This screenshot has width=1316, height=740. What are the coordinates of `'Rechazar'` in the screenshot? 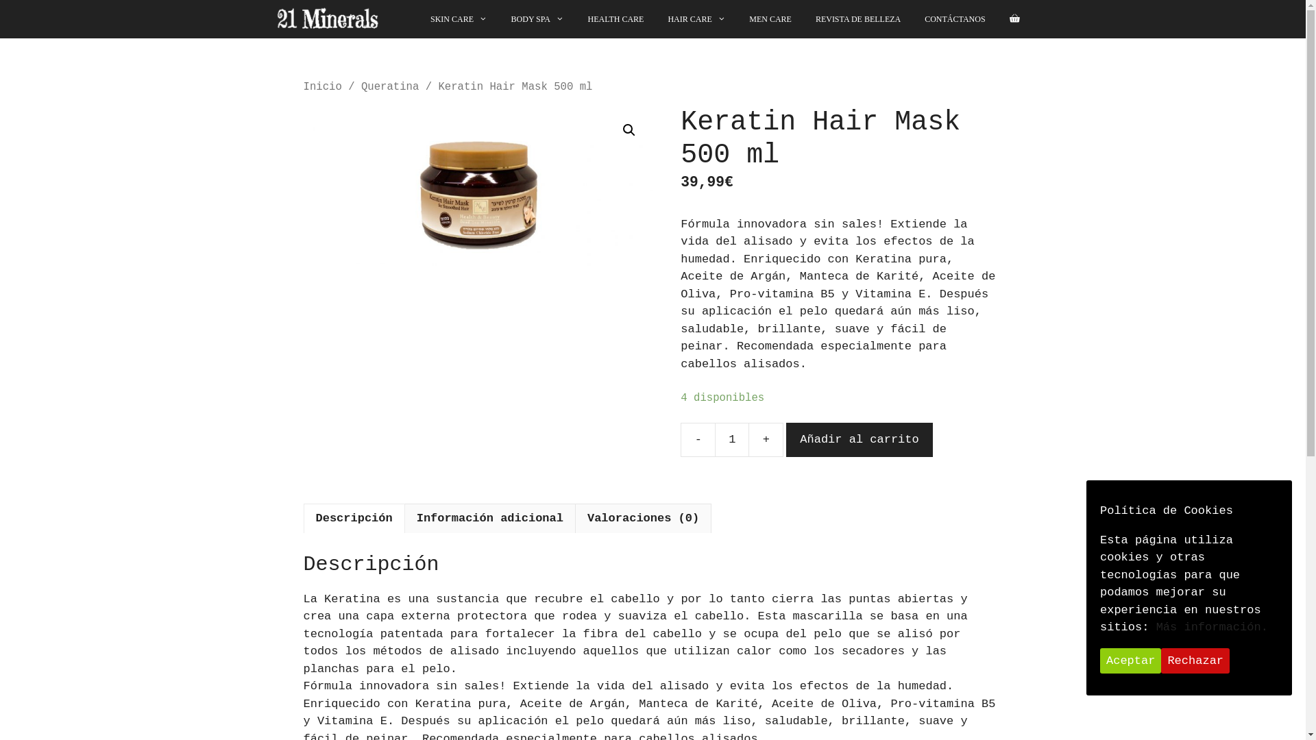 It's located at (1194, 660).